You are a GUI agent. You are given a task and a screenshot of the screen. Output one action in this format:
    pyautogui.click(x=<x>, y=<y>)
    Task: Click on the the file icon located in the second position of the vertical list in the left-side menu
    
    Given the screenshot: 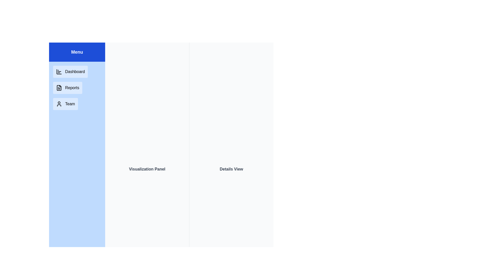 What is the action you would take?
    pyautogui.click(x=59, y=87)
    